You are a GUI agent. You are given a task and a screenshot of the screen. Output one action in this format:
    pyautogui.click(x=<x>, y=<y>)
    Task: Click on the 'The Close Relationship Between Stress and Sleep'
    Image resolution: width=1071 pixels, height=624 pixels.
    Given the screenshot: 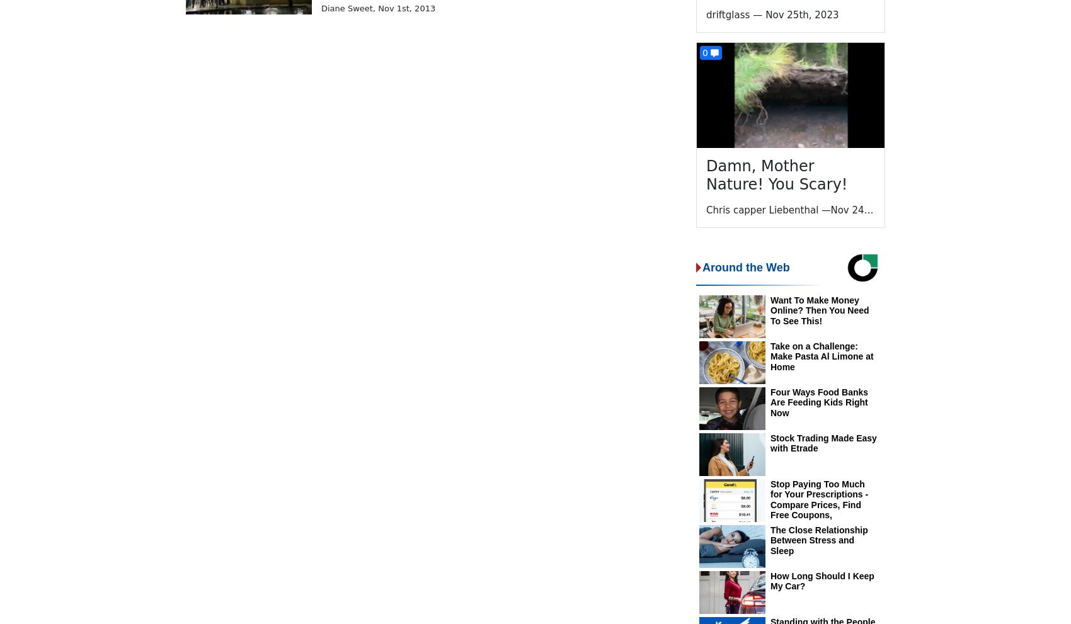 What is the action you would take?
    pyautogui.click(x=818, y=540)
    